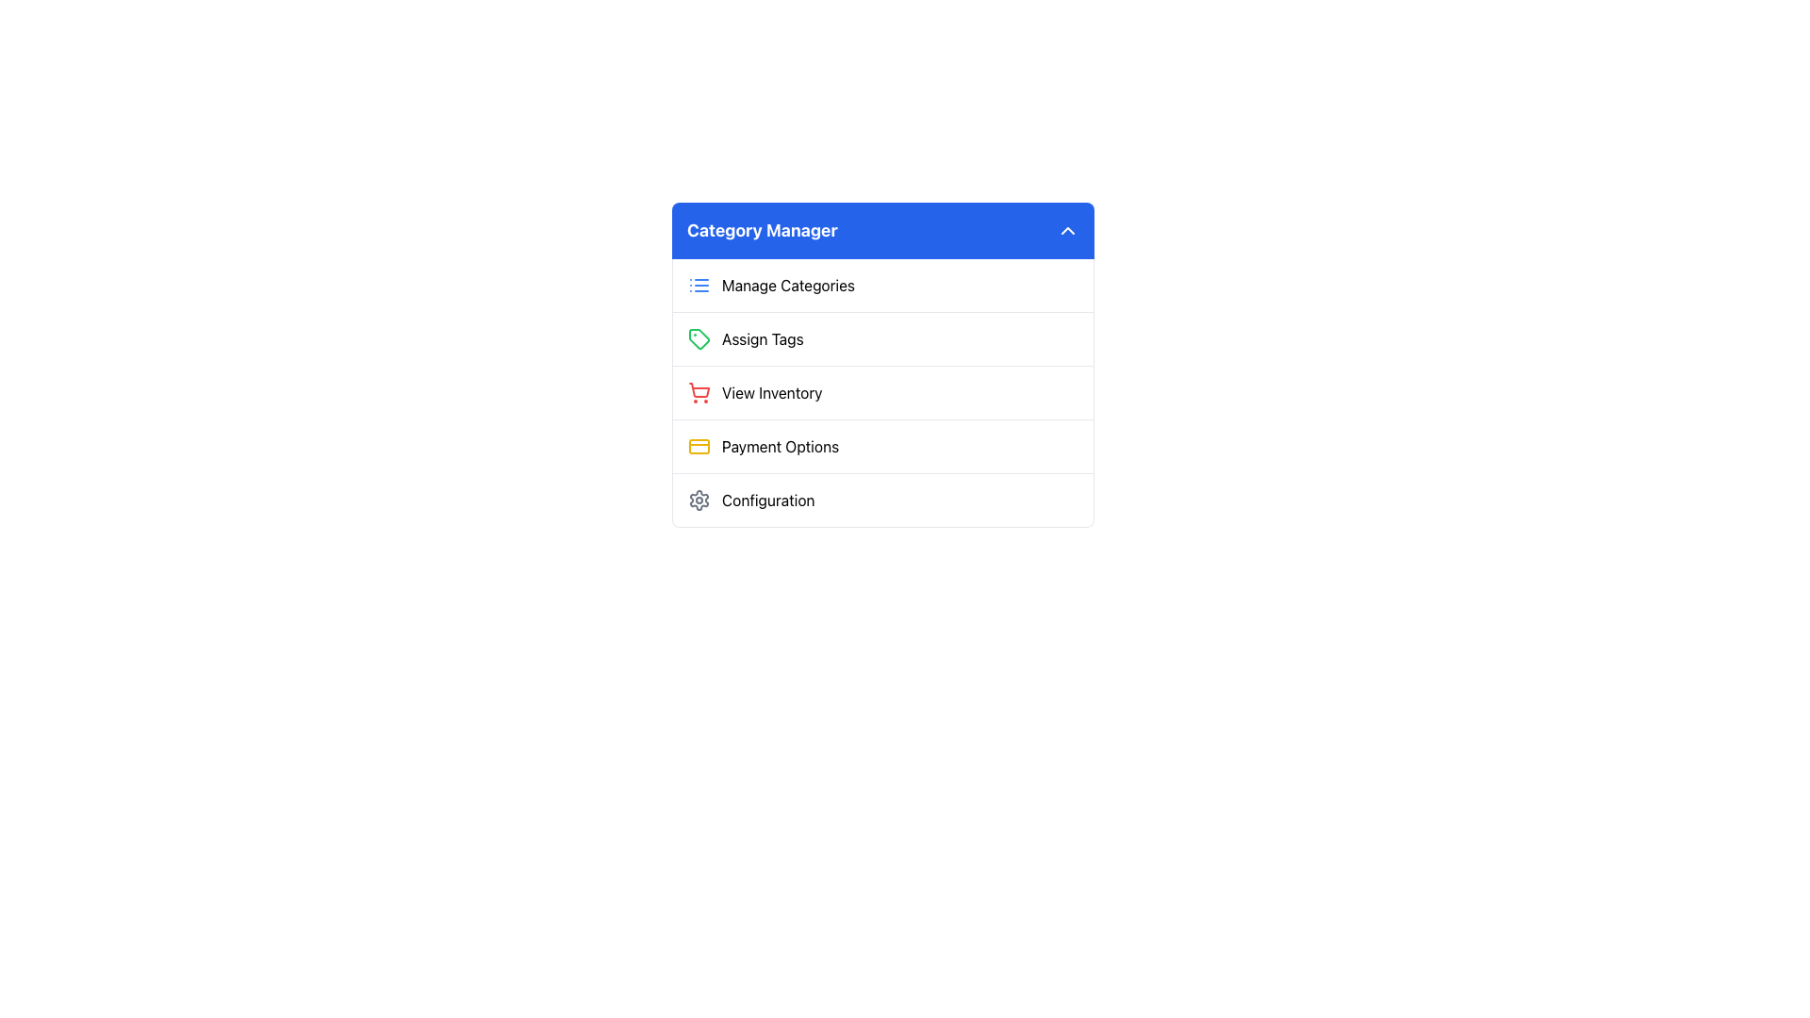 The width and height of the screenshot is (1810, 1018). Describe the element at coordinates (881, 391) in the screenshot. I see `the inventory management button located below 'Manage Categories' and 'Assign Tags', and above 'Payment Options' and 'Configuration' in the Category Manager section` at that location.